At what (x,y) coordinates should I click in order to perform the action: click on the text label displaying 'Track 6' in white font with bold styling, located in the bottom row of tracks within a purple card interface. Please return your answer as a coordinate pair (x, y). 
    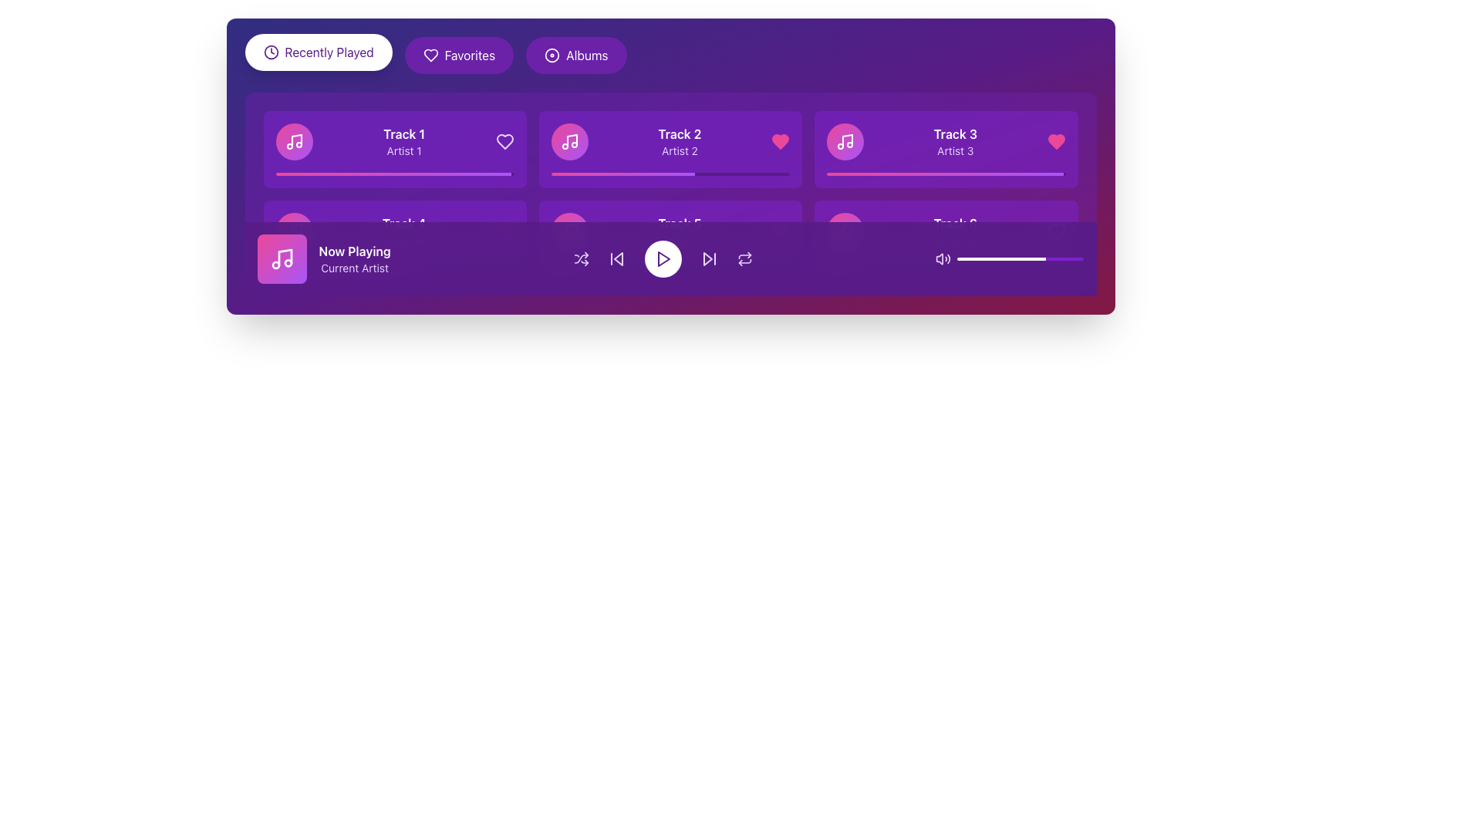
    Looking at the image, I should click on (954, 223).